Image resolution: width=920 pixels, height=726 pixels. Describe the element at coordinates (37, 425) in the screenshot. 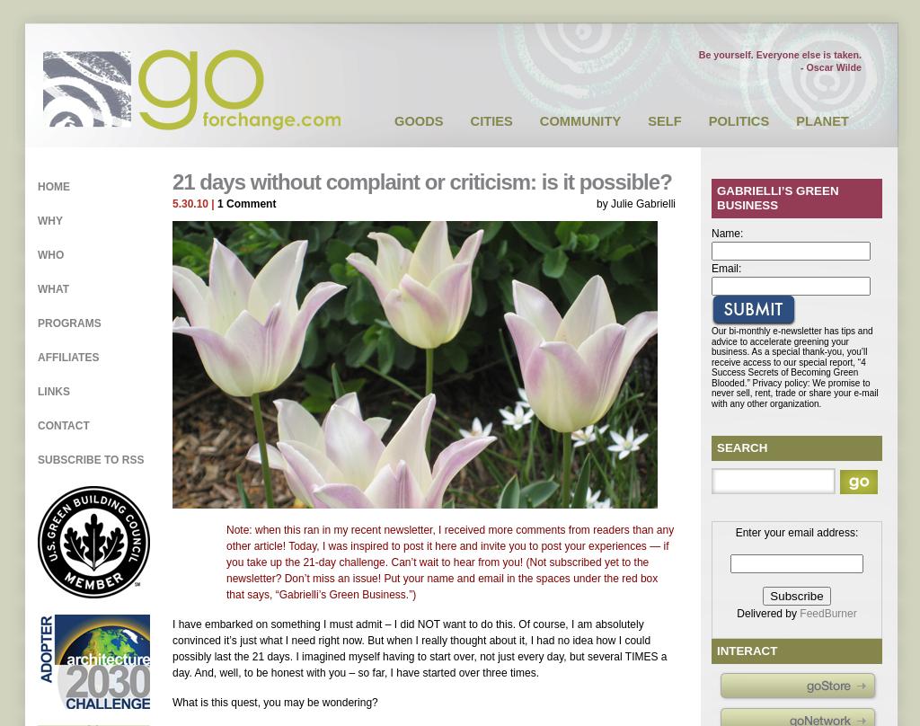

I see `'Contact'` at that location.